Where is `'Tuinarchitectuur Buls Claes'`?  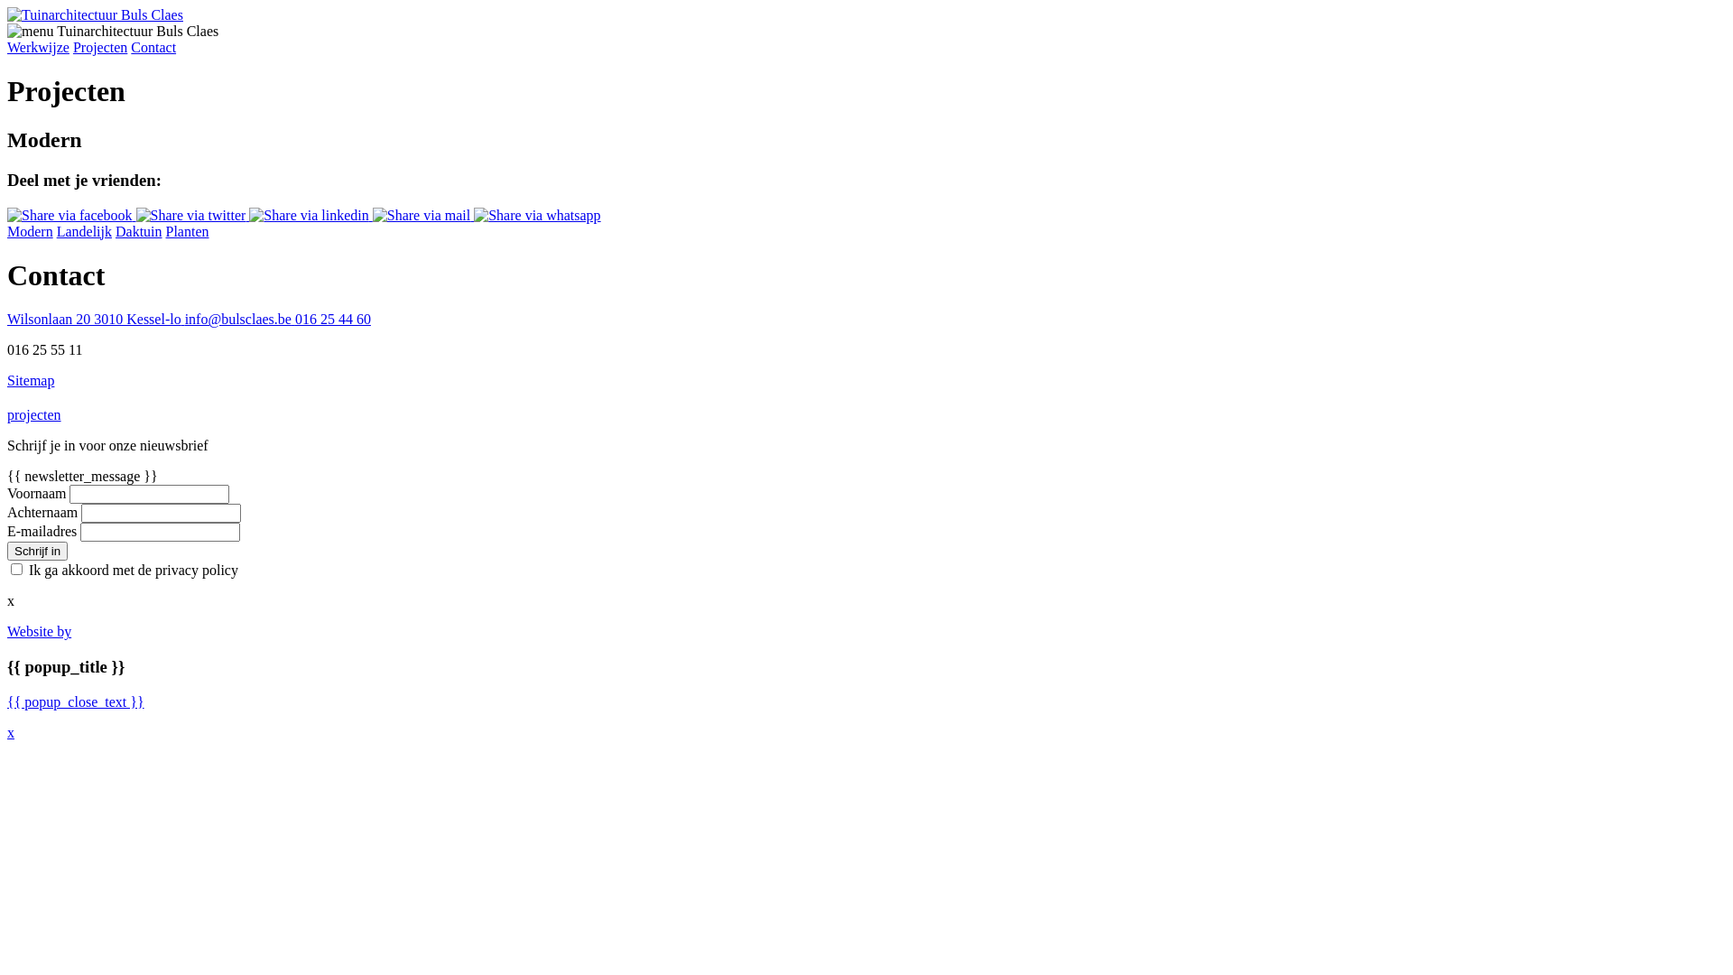 'Tuinarchitectuur Buls Claes' is located at coordinates (94, 14).